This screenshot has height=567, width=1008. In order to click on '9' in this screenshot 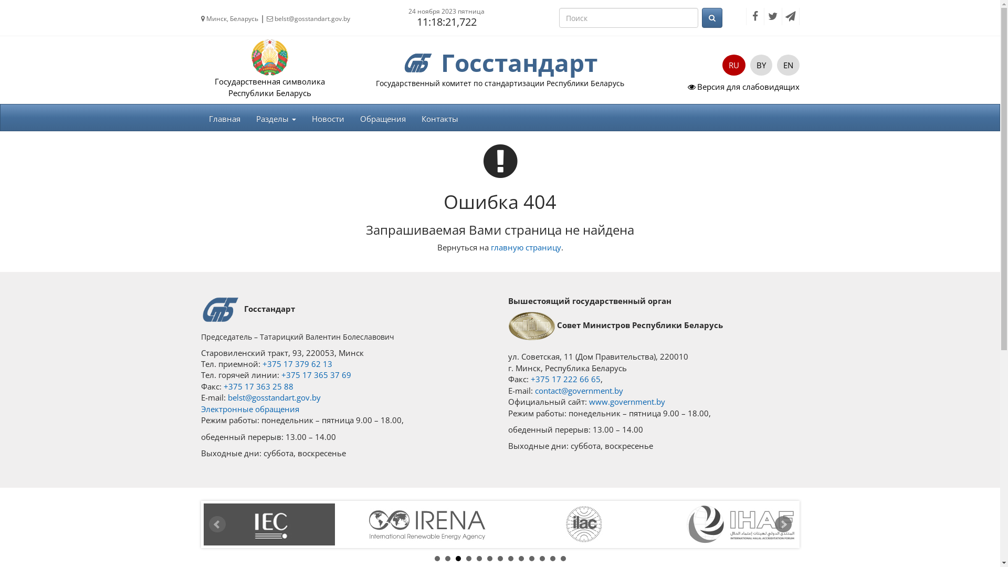, I will do `click(521, 558)`.